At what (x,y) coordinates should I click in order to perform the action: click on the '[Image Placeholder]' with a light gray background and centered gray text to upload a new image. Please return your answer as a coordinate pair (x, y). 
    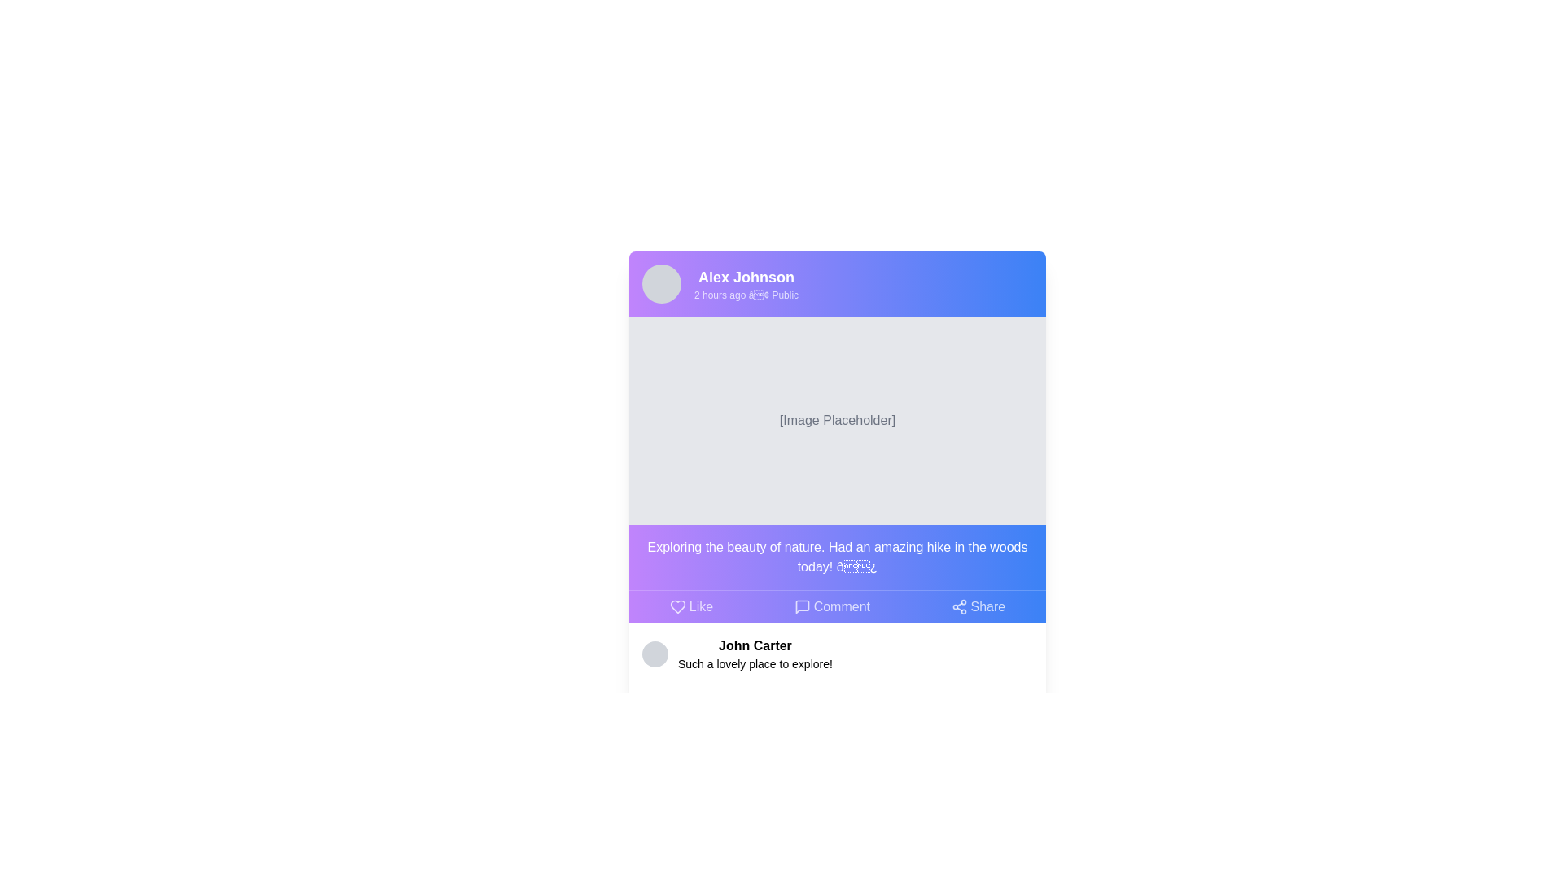
    Looking at the image, I should click on (837, 419).